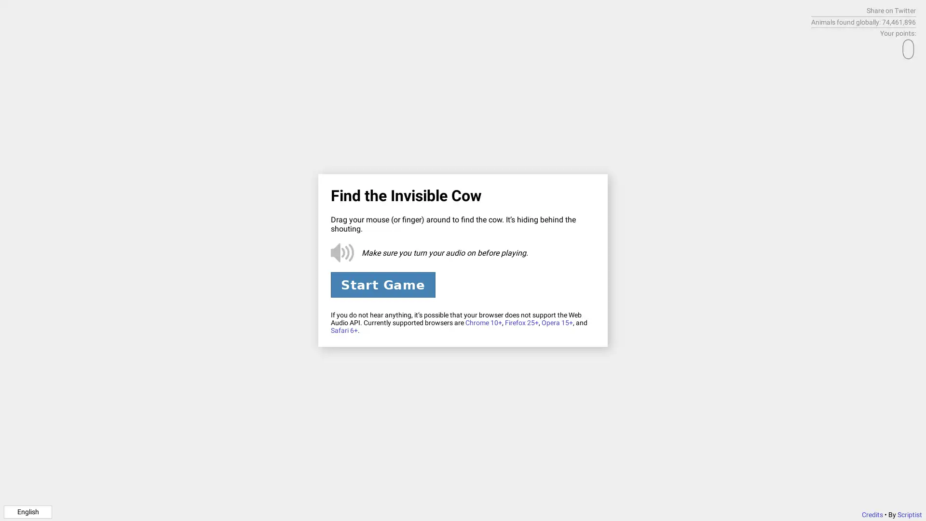 This screenshot has width=926, height=521. What do you see at coordinates (891, 11) in the screenshot?
I see `Share on Twitter` at bounding box center [891, 11].